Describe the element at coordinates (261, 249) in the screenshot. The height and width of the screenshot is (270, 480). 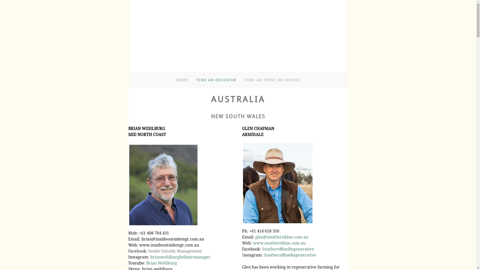
I see `'SouthernBlueRegenerative'` at that location.